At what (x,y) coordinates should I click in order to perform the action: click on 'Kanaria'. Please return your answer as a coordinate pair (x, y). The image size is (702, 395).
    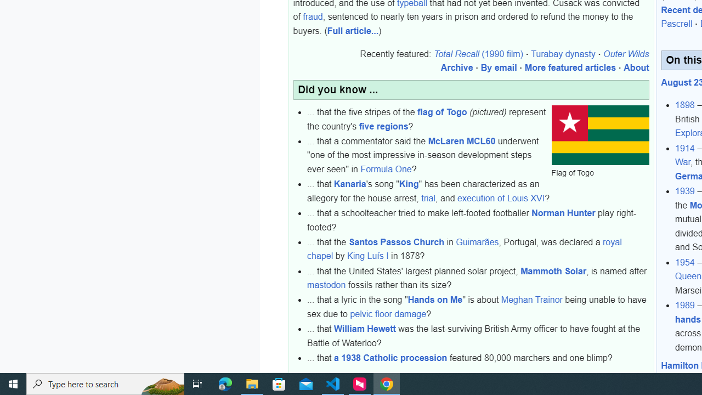
    Looking at the image, I should click on (349, 183).